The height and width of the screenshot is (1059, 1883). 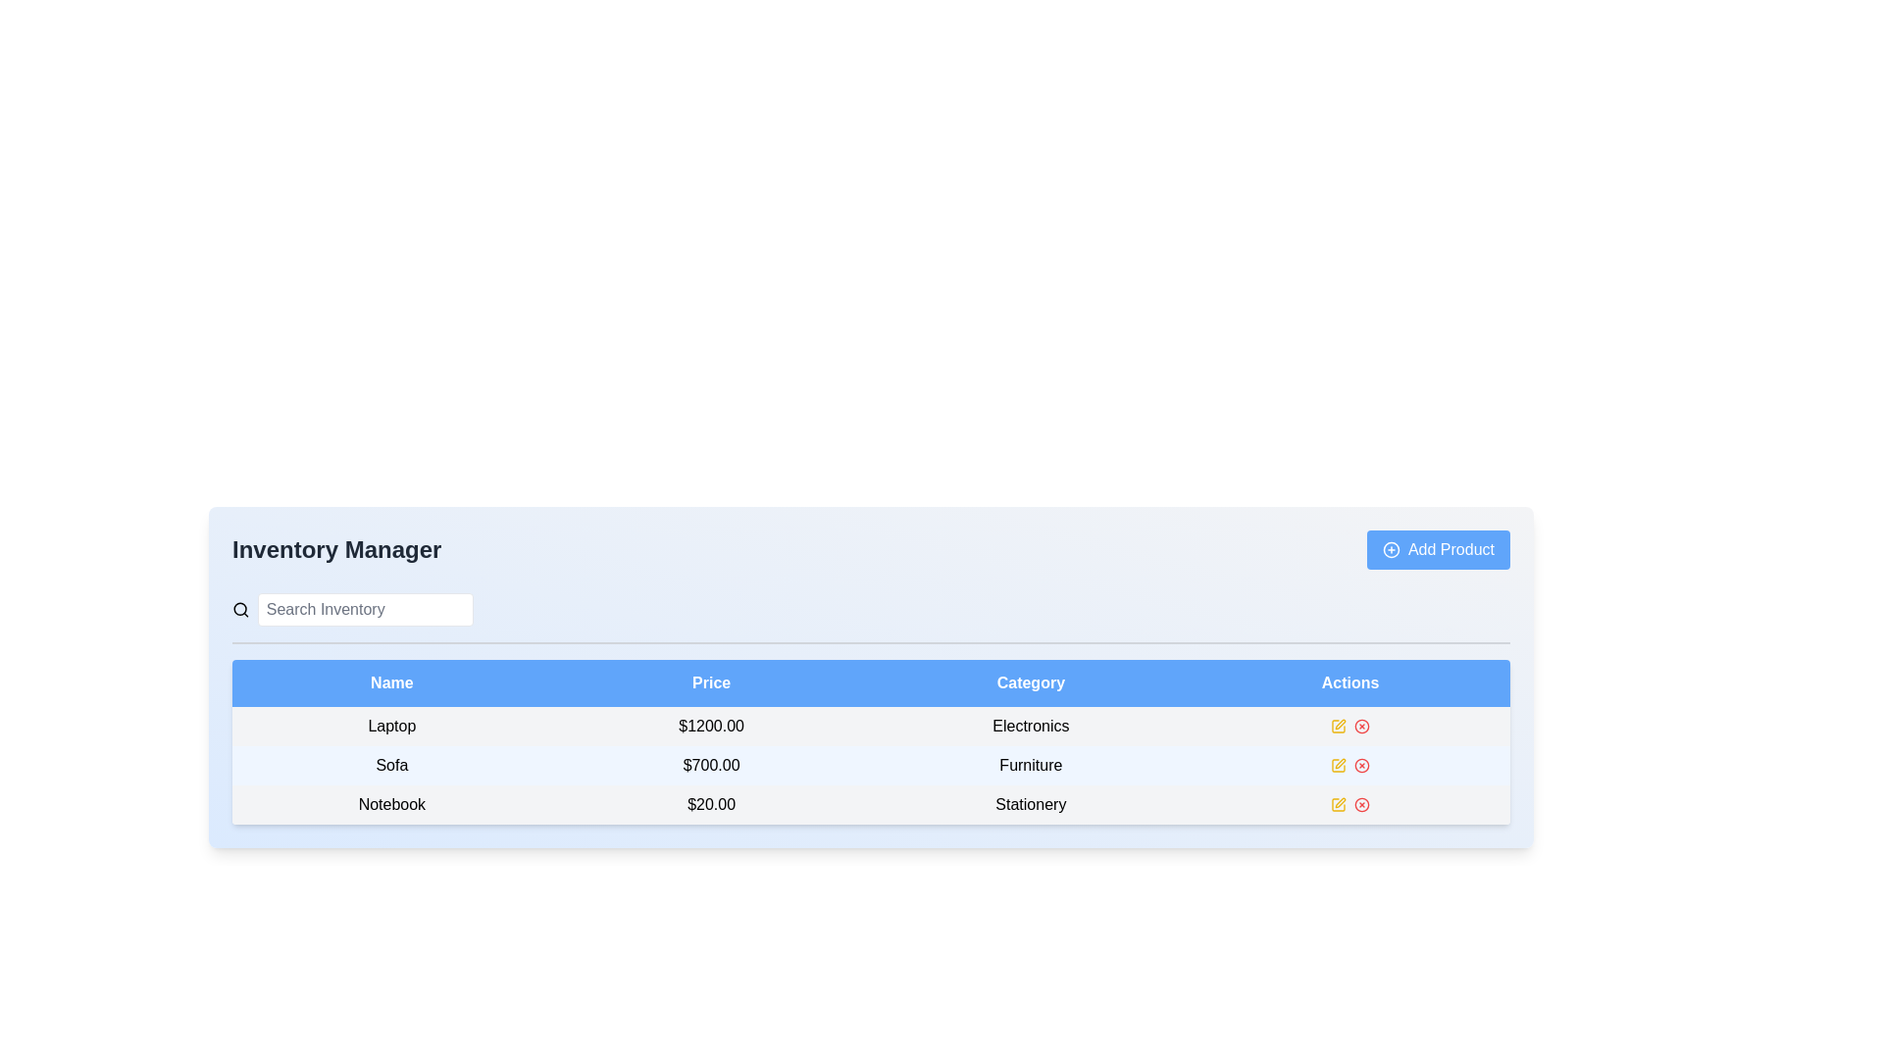 I want to click on the 'Add New Product' button located at the far right of the header section in the 'Inventory Manager' interface for interaction, so click(x=1438, y=549).